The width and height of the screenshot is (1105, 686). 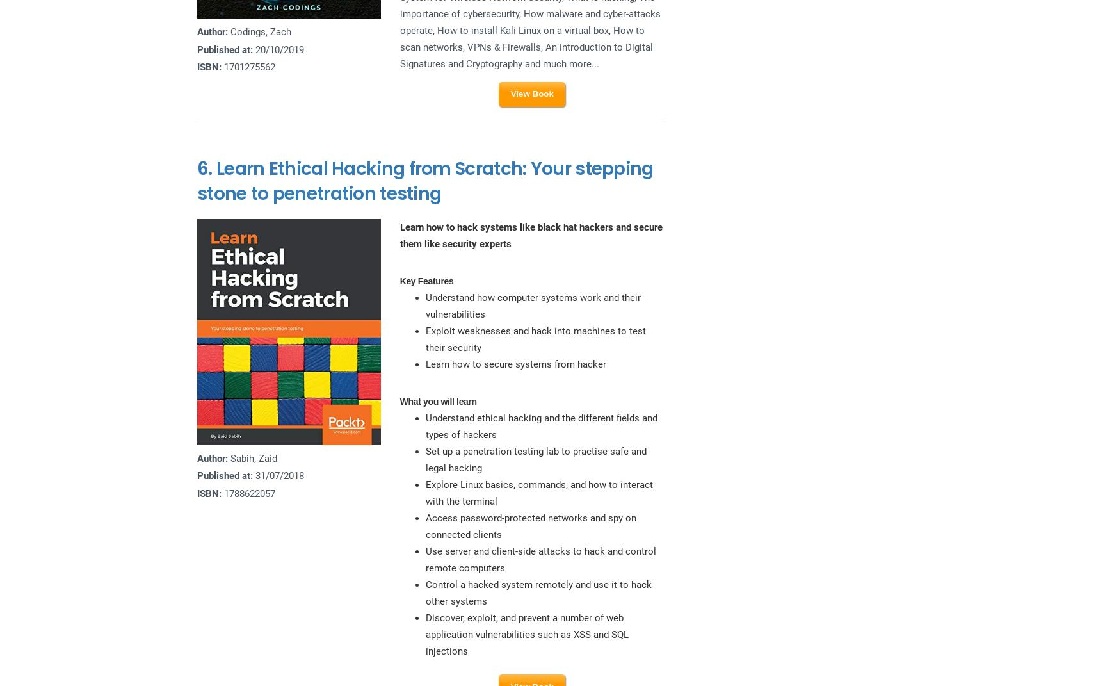 I want to click on '1701275562', so click(x=248, y=67).